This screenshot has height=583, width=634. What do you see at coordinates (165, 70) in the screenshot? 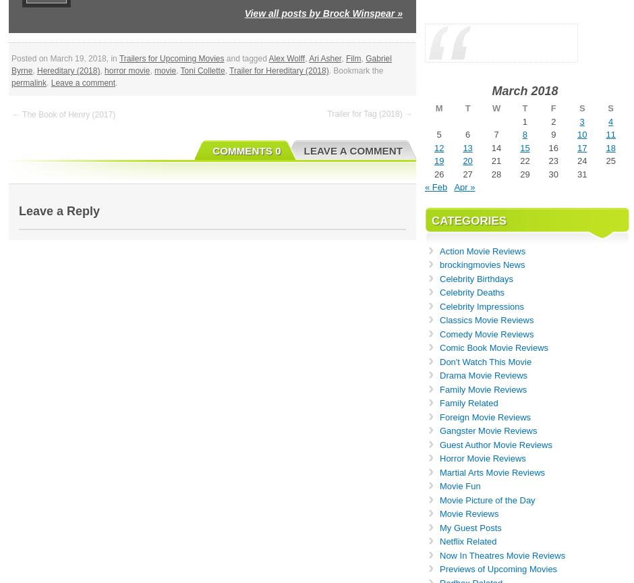
I see `'movie'` at bounding box center [165, 70].